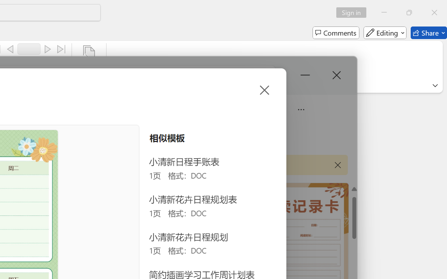  What do you see at coordinates (47, 49) in the screenshot?
I see `'Next'` at bounding box center [47, 49].